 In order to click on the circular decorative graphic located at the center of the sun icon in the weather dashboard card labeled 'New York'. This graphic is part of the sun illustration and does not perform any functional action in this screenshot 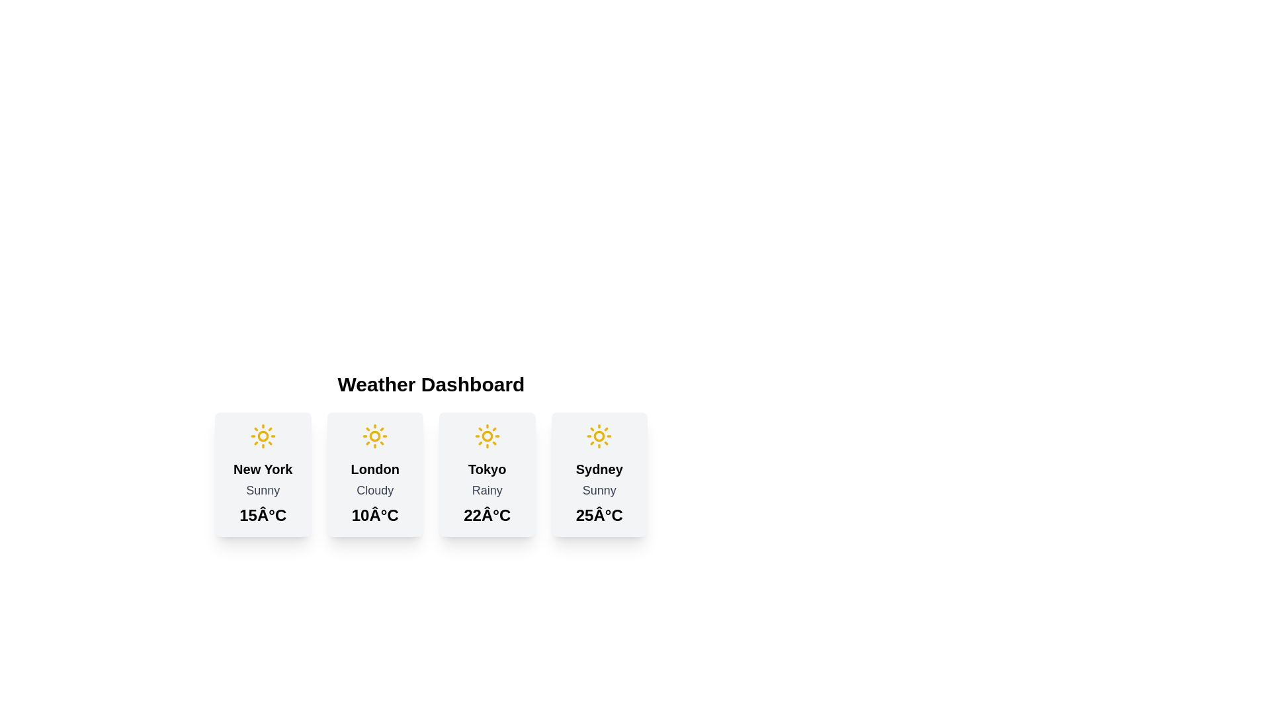, I will do `click(263, 436)`.